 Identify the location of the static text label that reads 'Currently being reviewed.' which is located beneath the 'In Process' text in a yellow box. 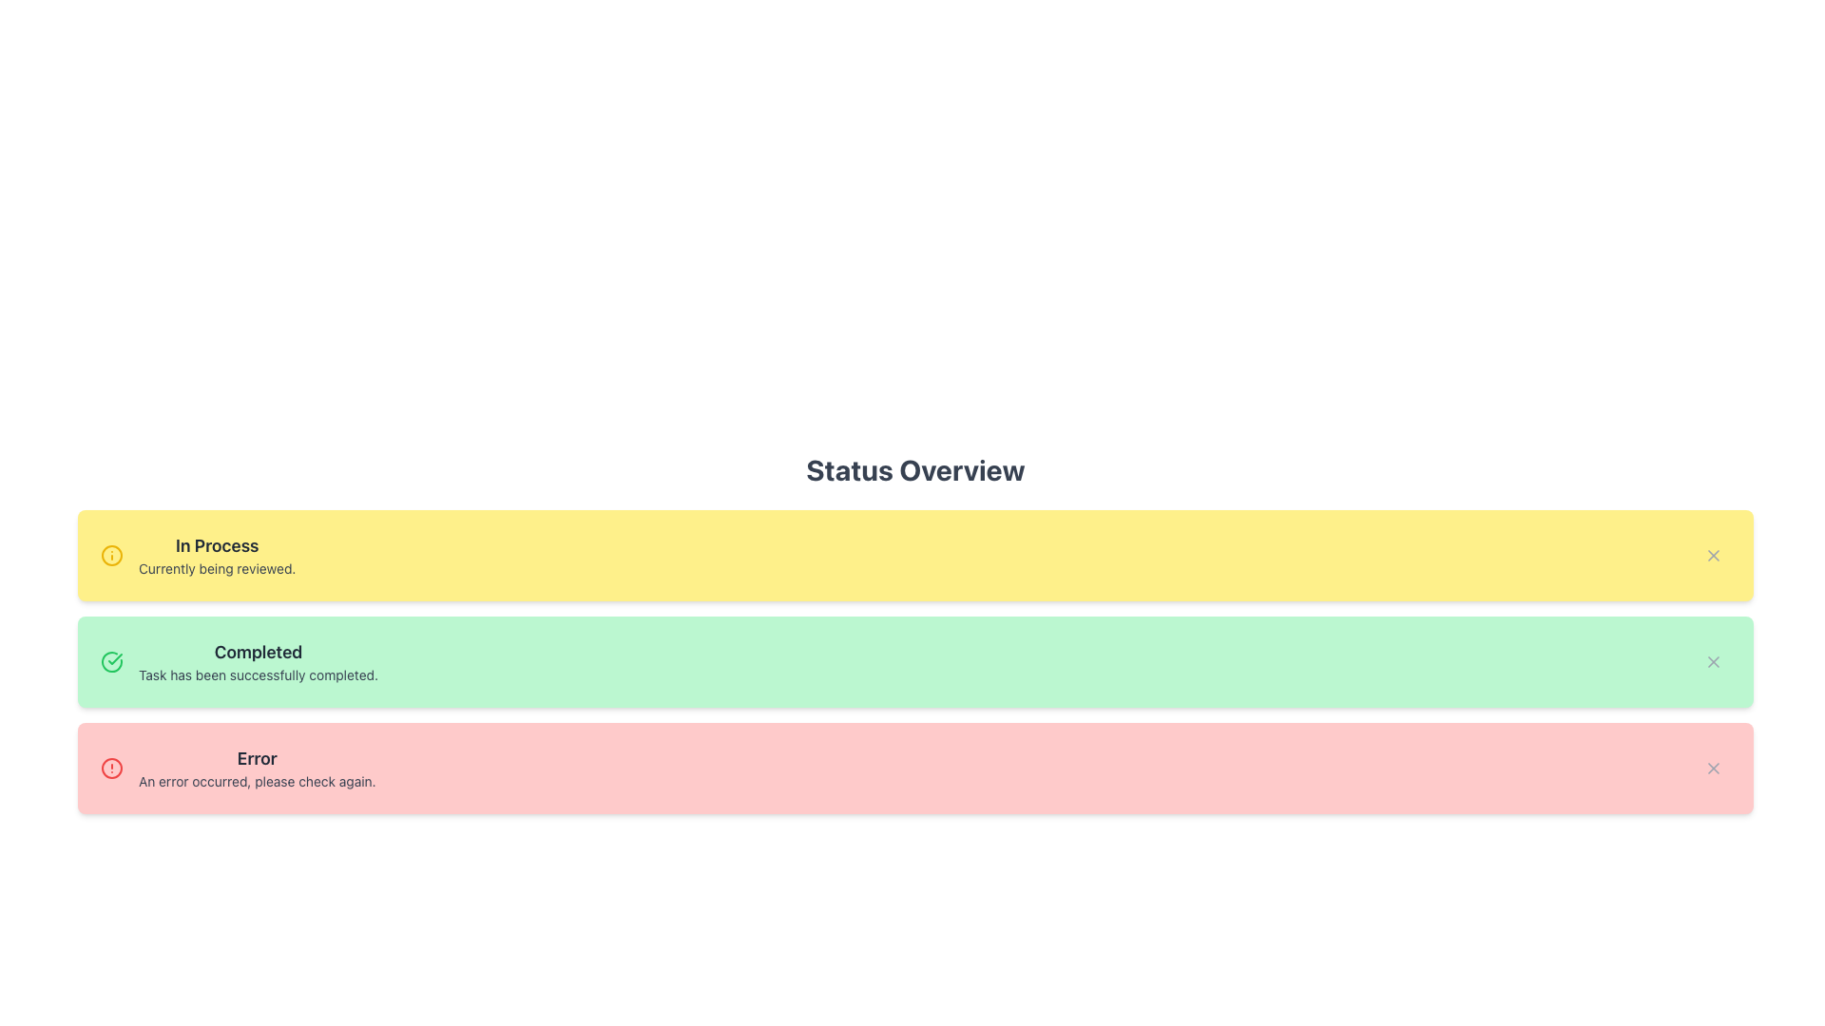
(217, 567).